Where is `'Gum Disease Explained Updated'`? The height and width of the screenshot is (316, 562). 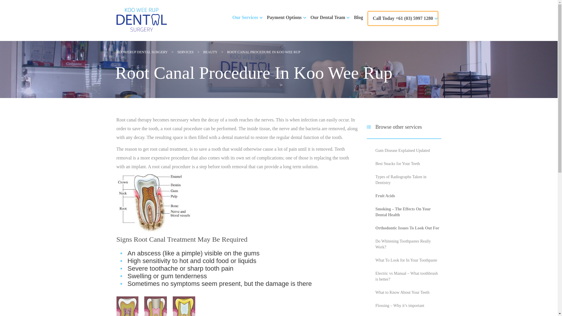 'Gum Disease Explained Updated' is located at coordinates (375, 150).